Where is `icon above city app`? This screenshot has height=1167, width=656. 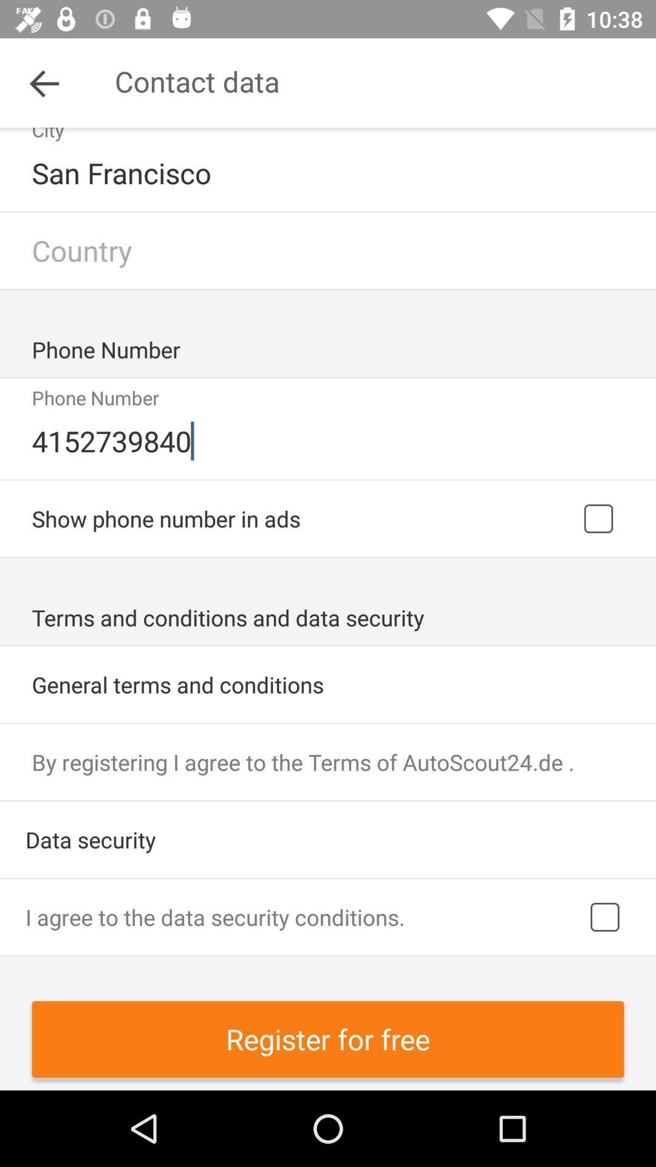 icon above city app is located at coordinates (44, 82).